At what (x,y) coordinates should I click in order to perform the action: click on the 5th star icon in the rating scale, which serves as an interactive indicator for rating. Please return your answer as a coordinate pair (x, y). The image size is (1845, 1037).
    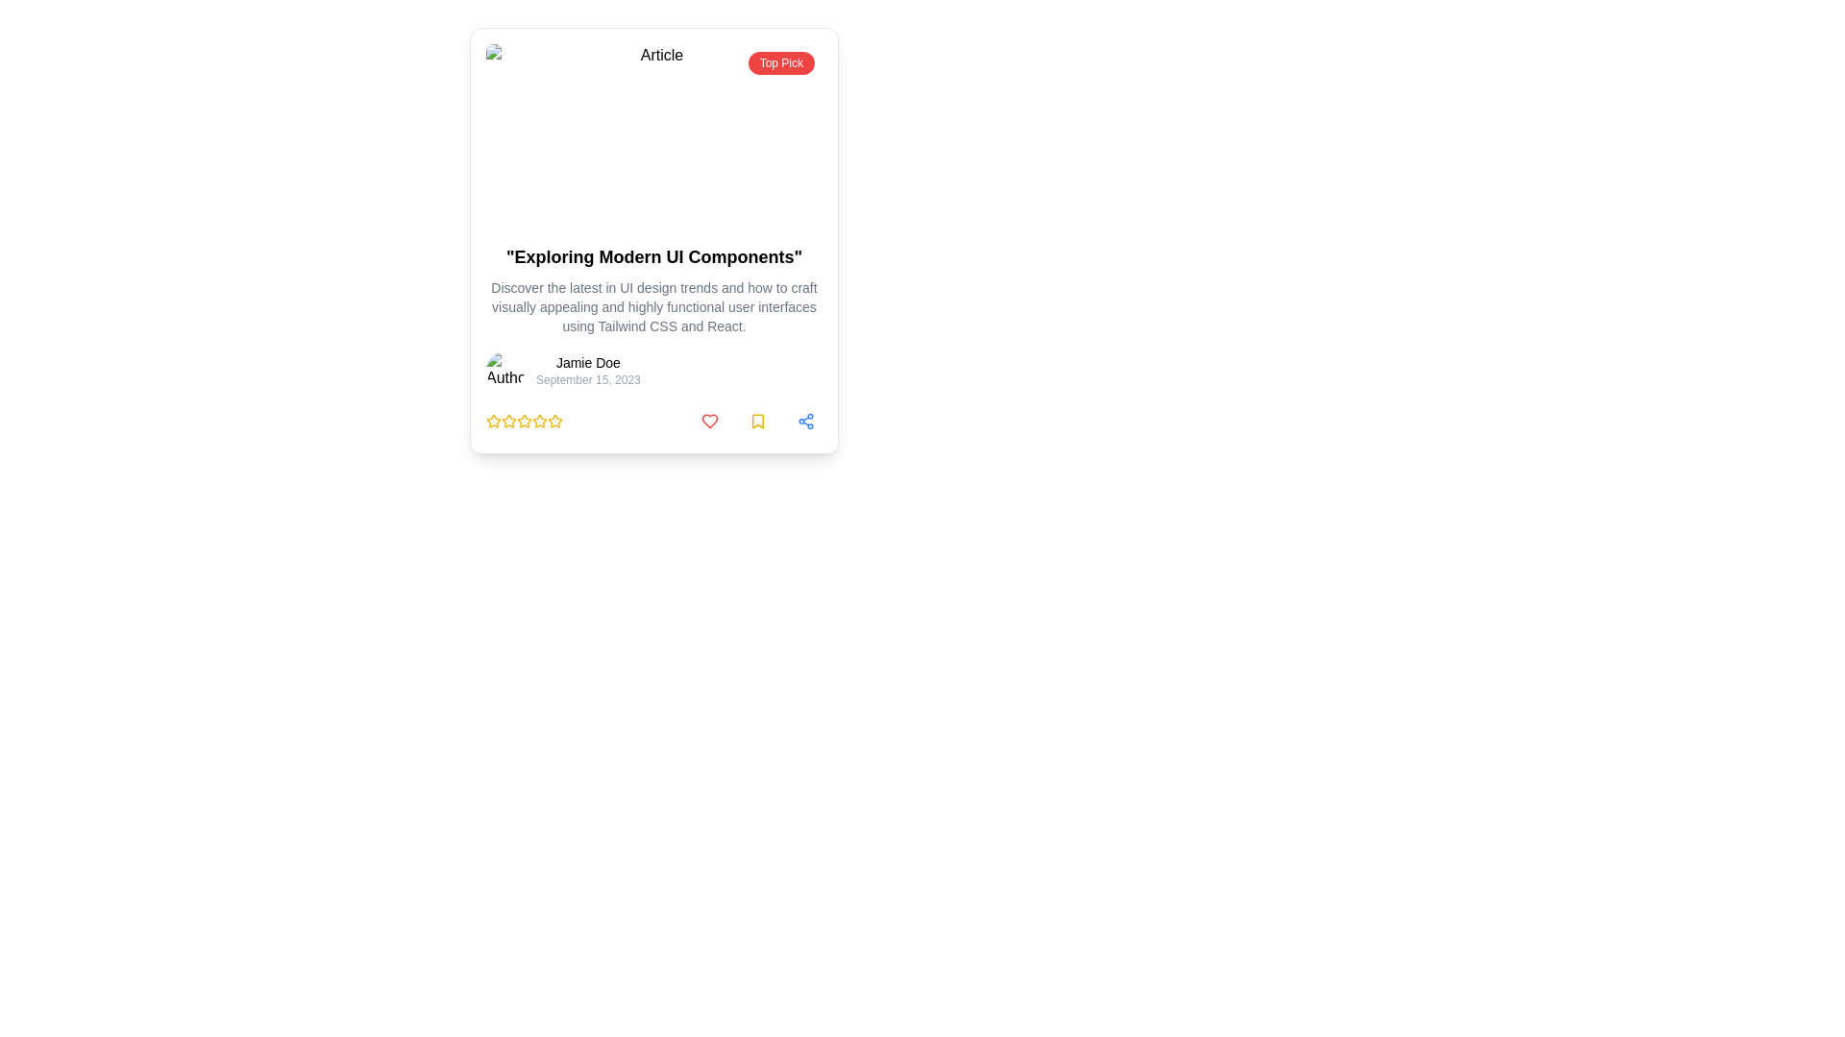
    Looking at the image, I should click on (553, 421).